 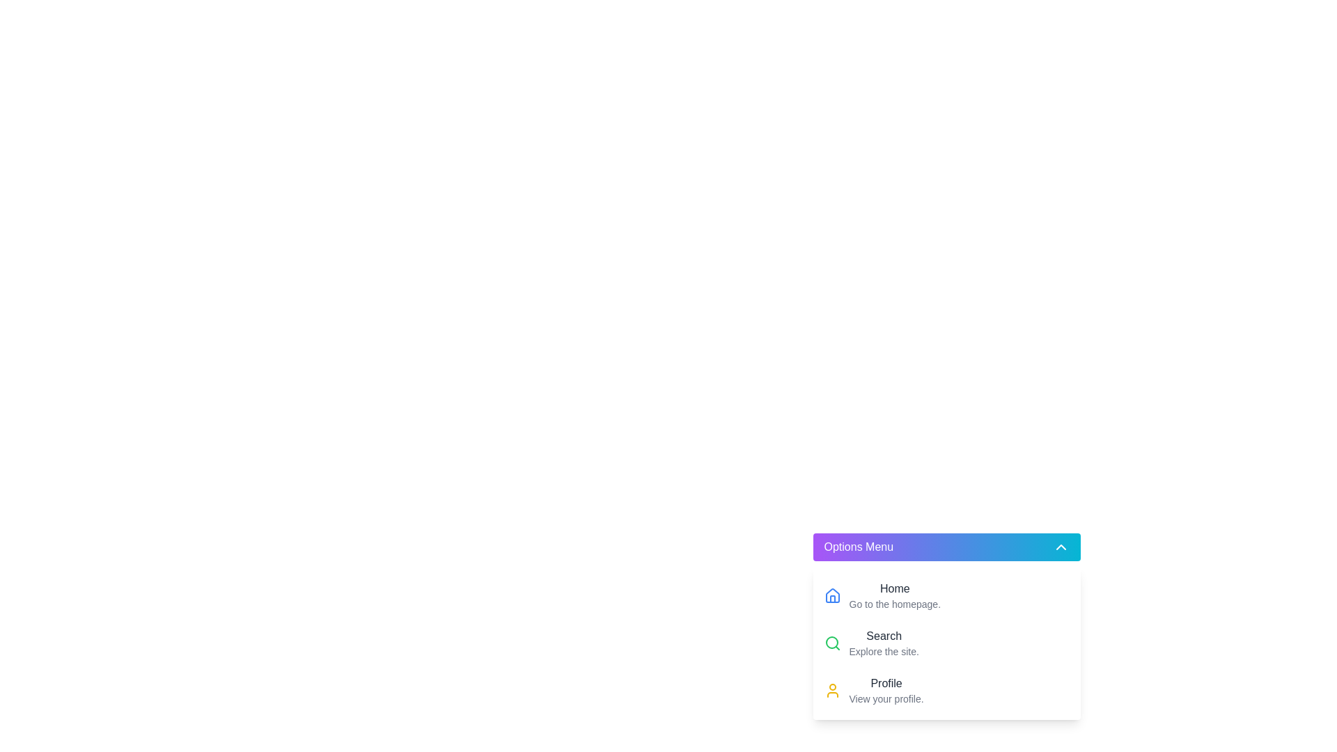 I want to click on the circular green graphical element located at the top right section of the 'Options Menu', adjacent to the 'Search' label, so click(x=831, y=642).